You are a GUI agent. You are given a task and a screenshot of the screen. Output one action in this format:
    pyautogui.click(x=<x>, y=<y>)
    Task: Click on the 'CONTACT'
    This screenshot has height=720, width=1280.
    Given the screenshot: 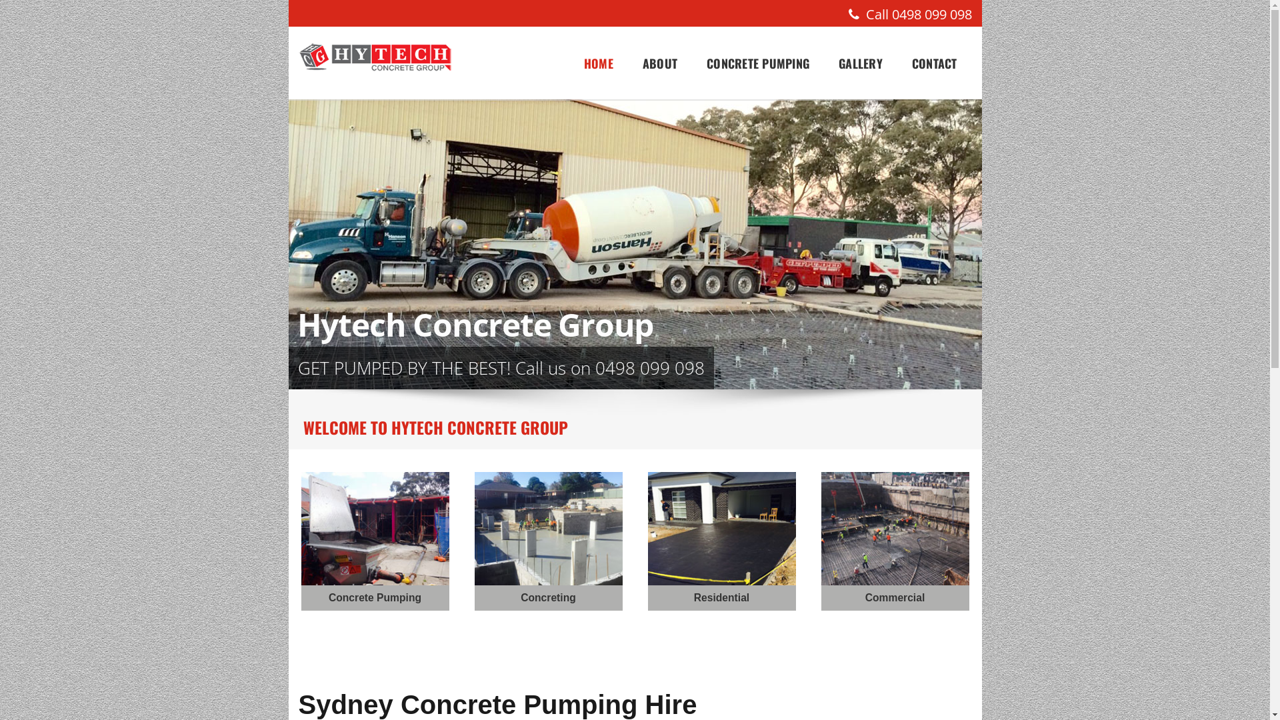 What is the action you would take?
    pyautogui.click(x=933, y=63)
    